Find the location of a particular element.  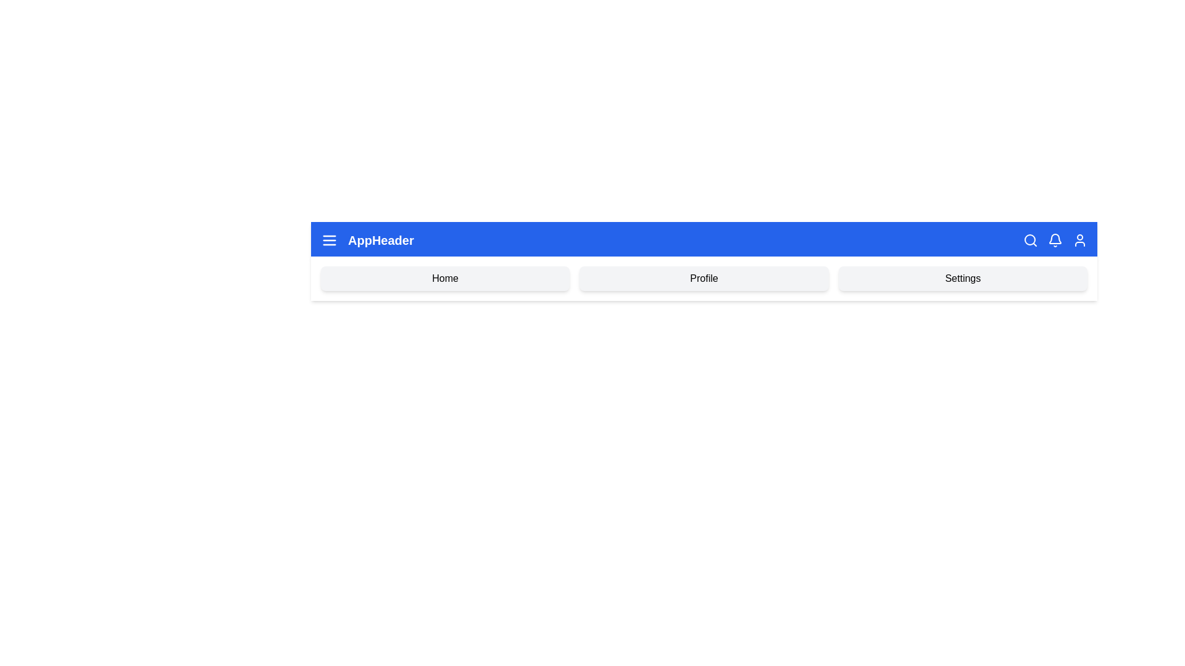

the bell icon to view notifications is located at coordinates (1054, 240).